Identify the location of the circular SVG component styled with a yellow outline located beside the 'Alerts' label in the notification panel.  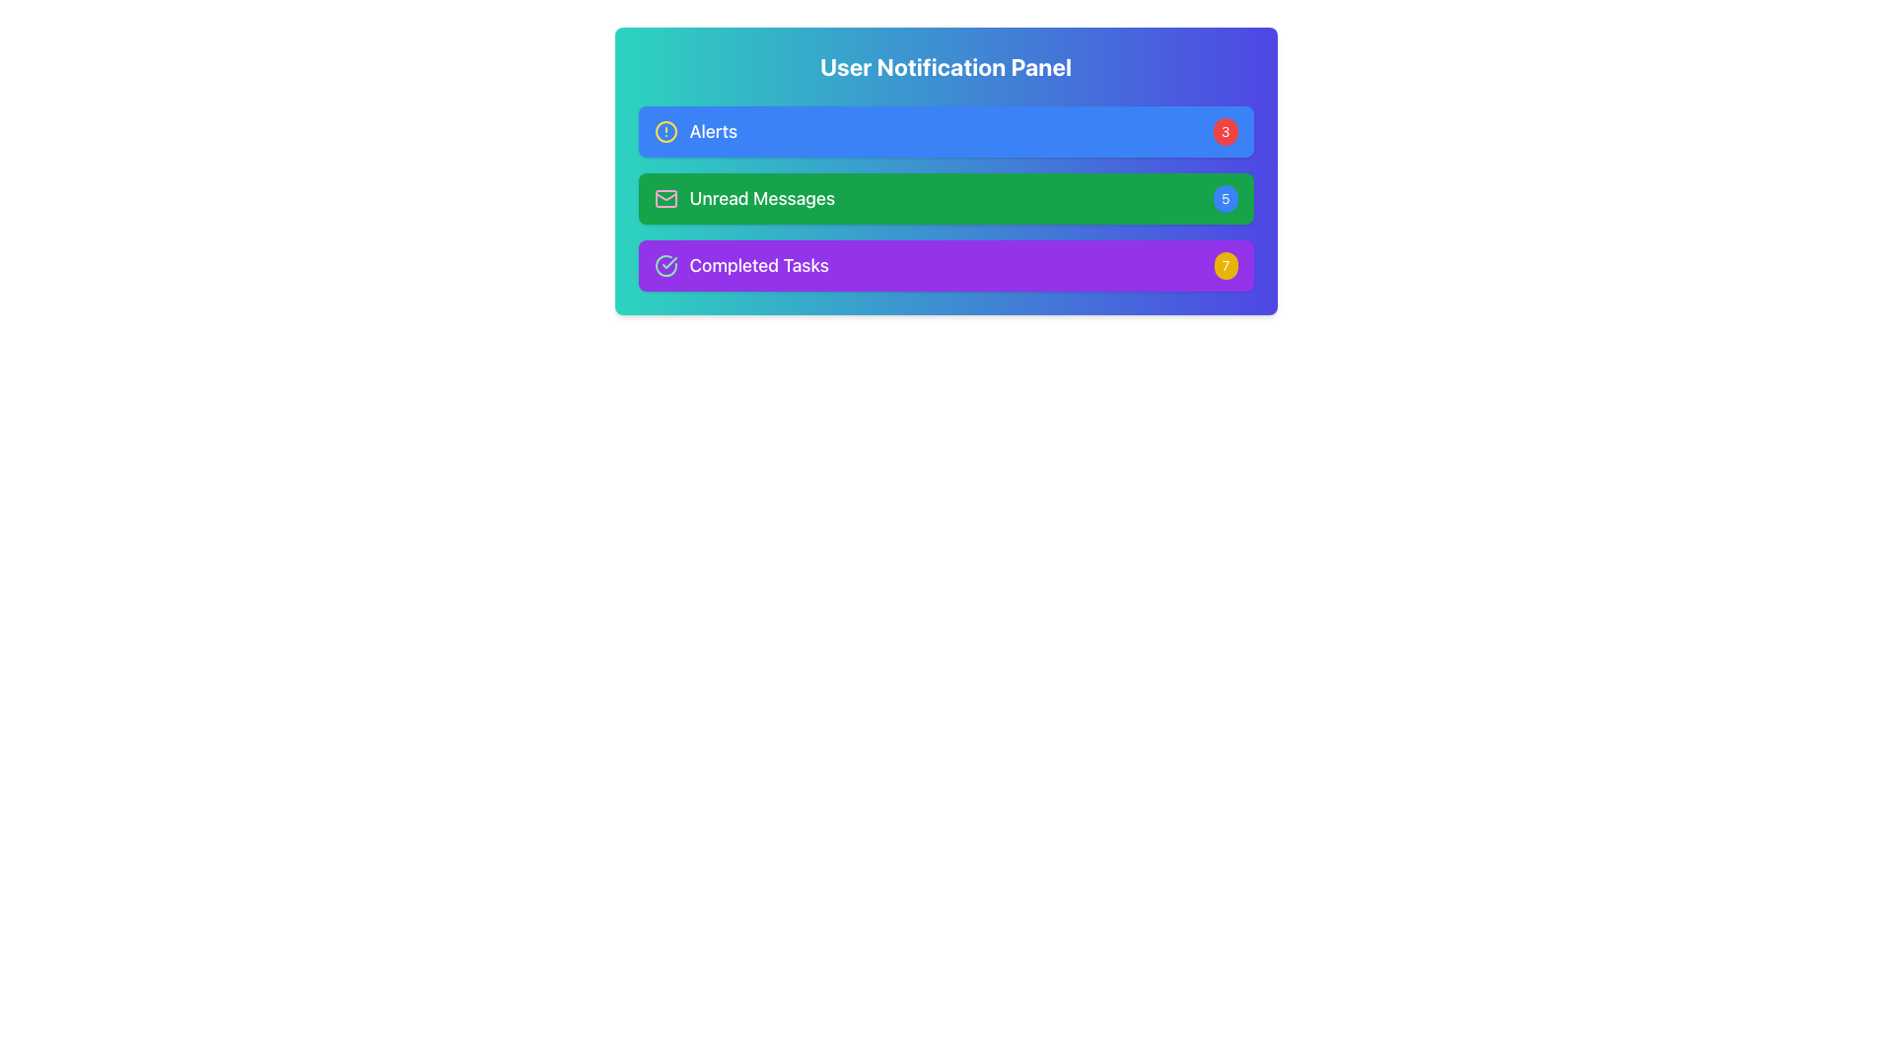
(666, 132).